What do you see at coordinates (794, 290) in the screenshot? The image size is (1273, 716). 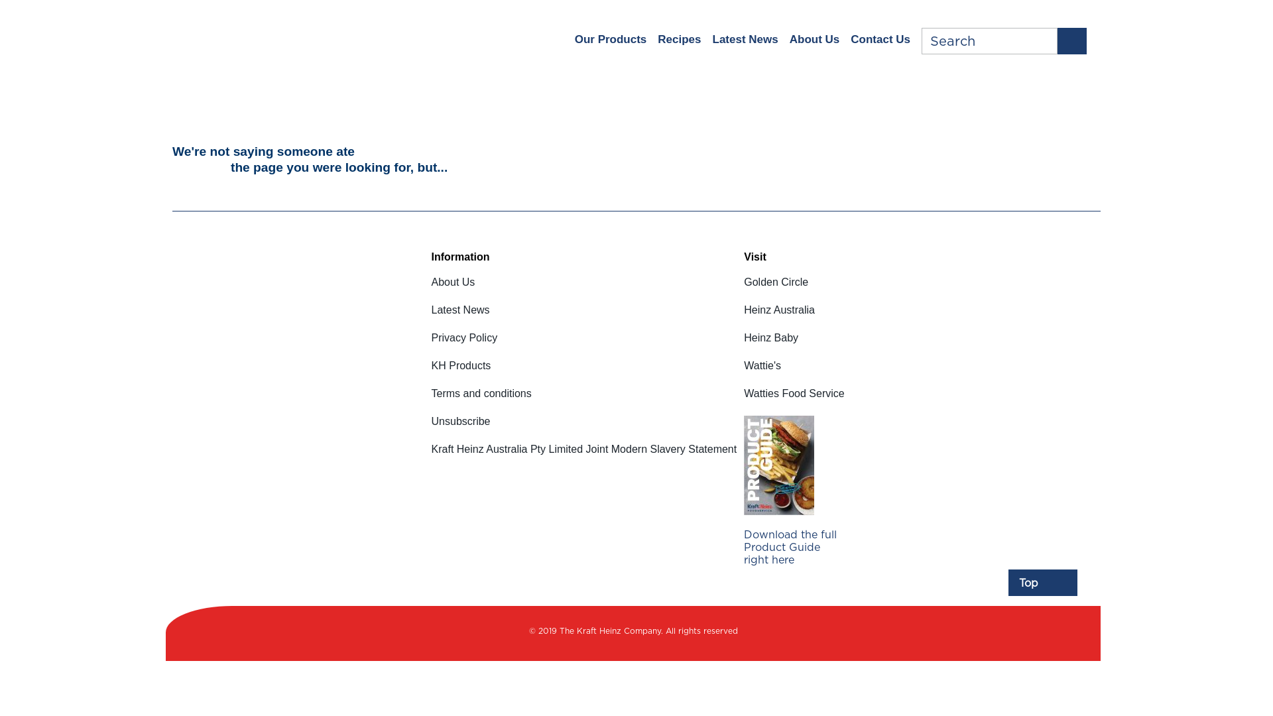 I see `'Golden Circle'` at bounding box center [794, 290].